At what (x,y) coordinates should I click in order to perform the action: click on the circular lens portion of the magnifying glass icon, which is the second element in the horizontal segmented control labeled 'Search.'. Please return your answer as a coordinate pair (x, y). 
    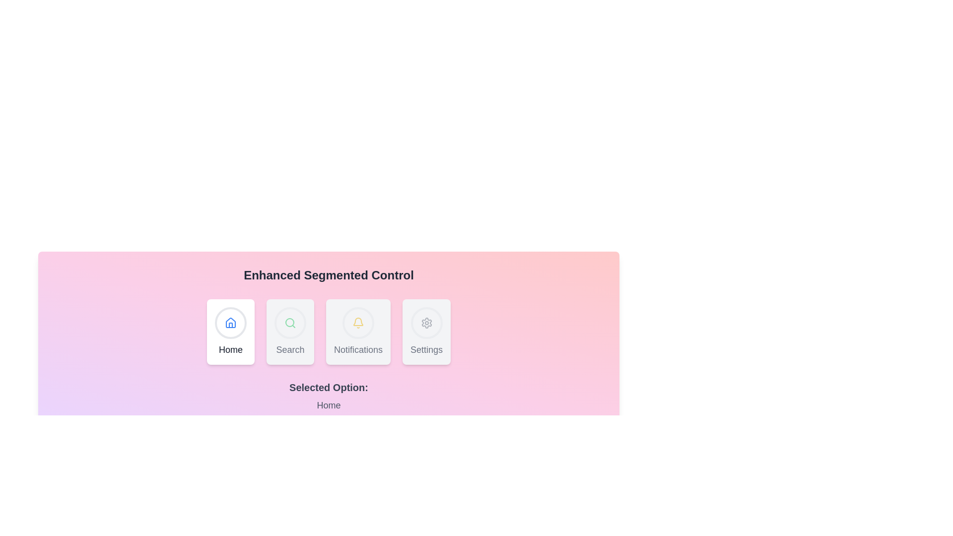
    Looking at the image, I should click on (289, 323).